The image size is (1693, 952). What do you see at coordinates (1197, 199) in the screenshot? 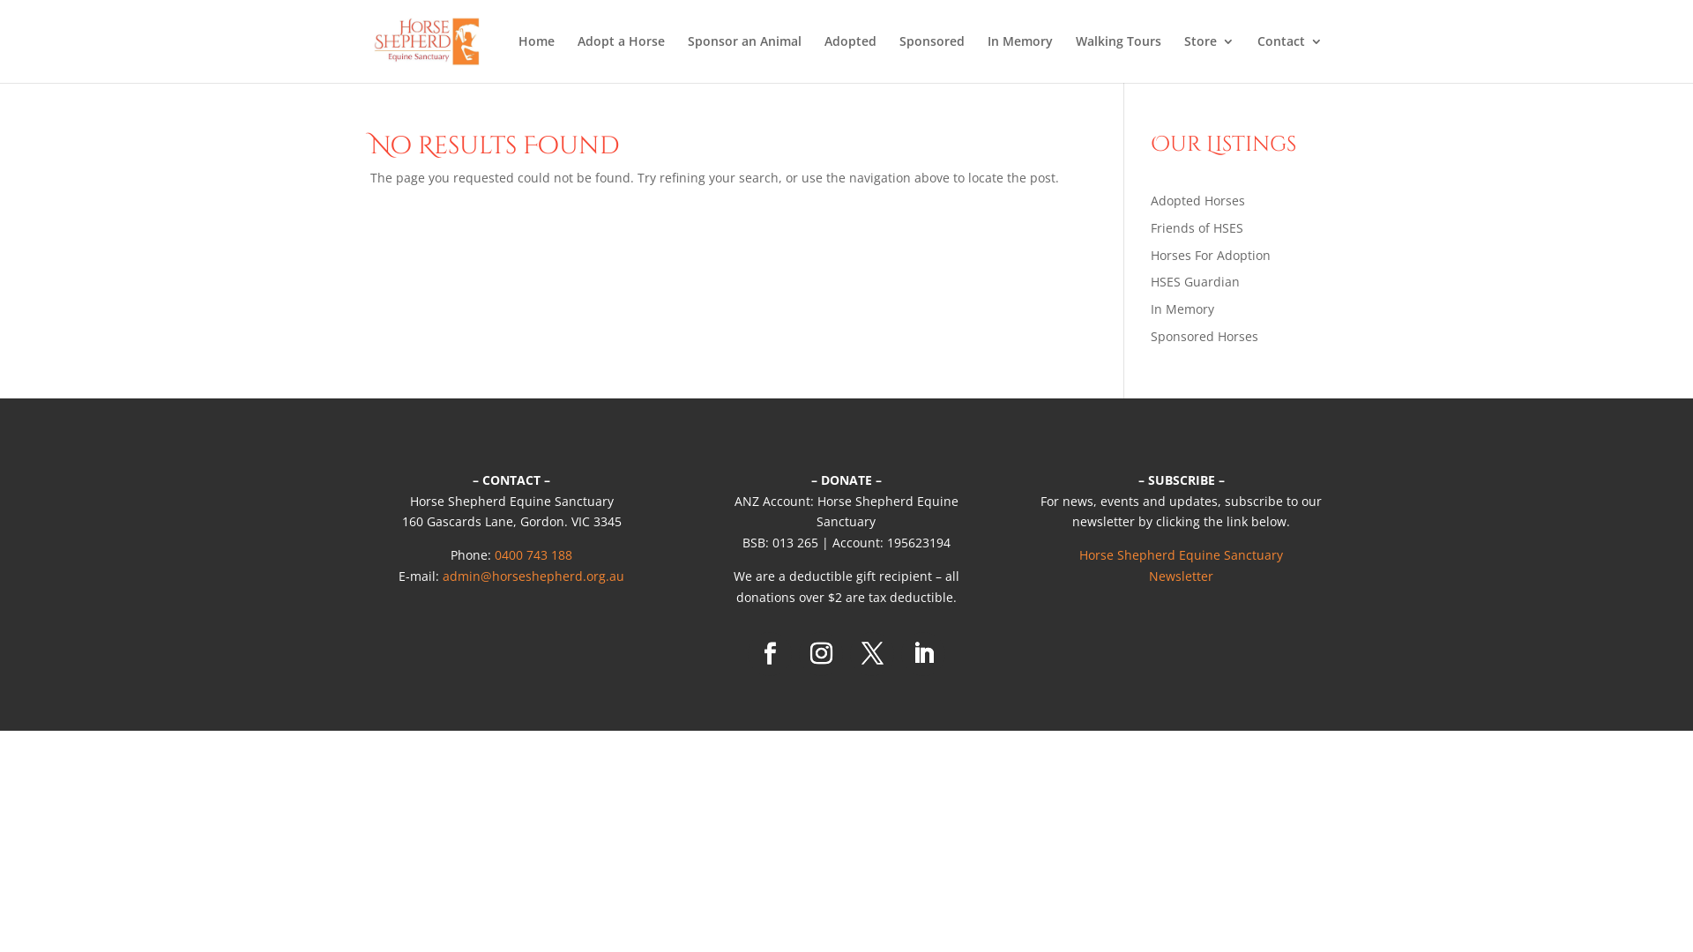
I see `'Adopted Horses'` at bounding box center [1197, 199].